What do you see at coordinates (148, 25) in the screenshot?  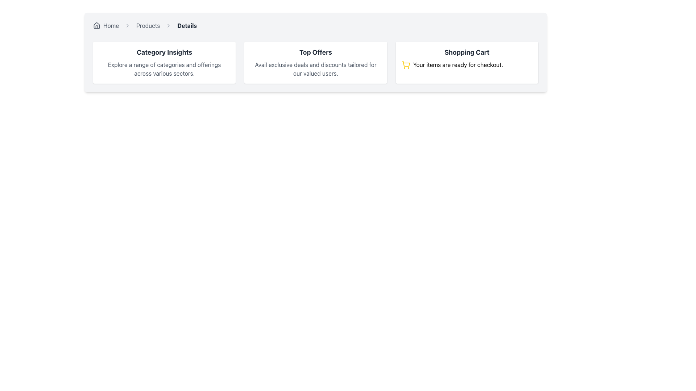 I see `the Interactive Text Link in the navigation bar to change its text color` at bounding box center [148, 25].